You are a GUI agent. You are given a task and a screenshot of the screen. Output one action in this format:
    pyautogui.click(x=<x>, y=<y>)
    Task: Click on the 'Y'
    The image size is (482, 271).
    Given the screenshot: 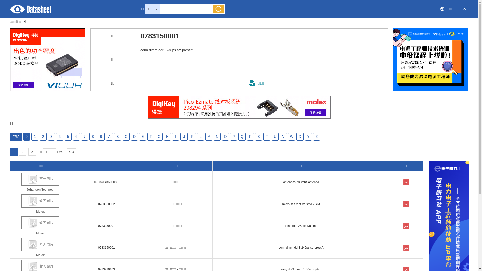 What is the action you would take?
    pyautogui.click(x=305, y=137)
    